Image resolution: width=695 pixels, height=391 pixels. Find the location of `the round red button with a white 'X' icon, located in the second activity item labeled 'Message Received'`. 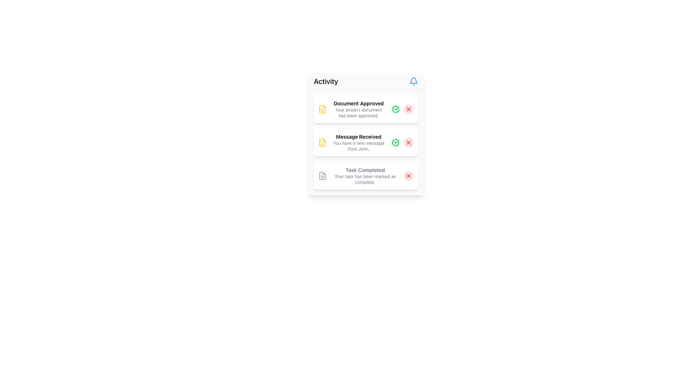

the round red button with a white 'X' icon, located in the second activity item labeled 'Message Received' is located at coordinates (408, 142).